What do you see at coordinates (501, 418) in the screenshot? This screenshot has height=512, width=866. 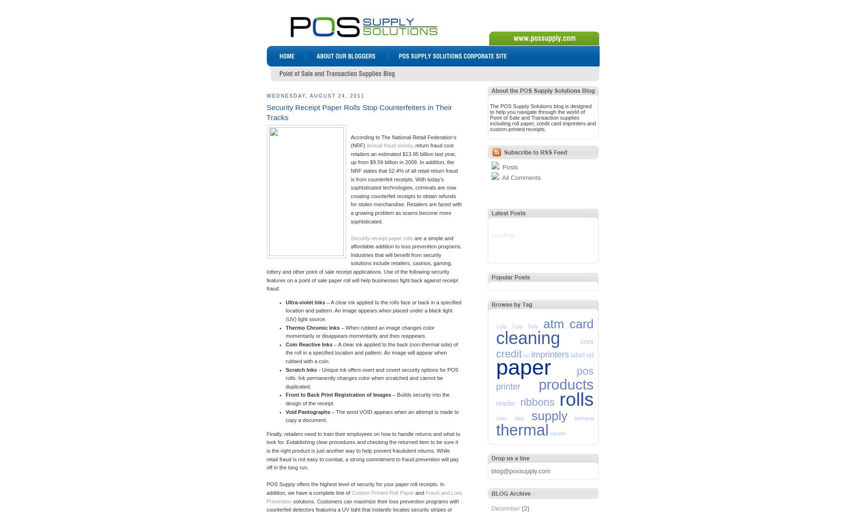 I see `'sales'` at bounding box center [501, 418].